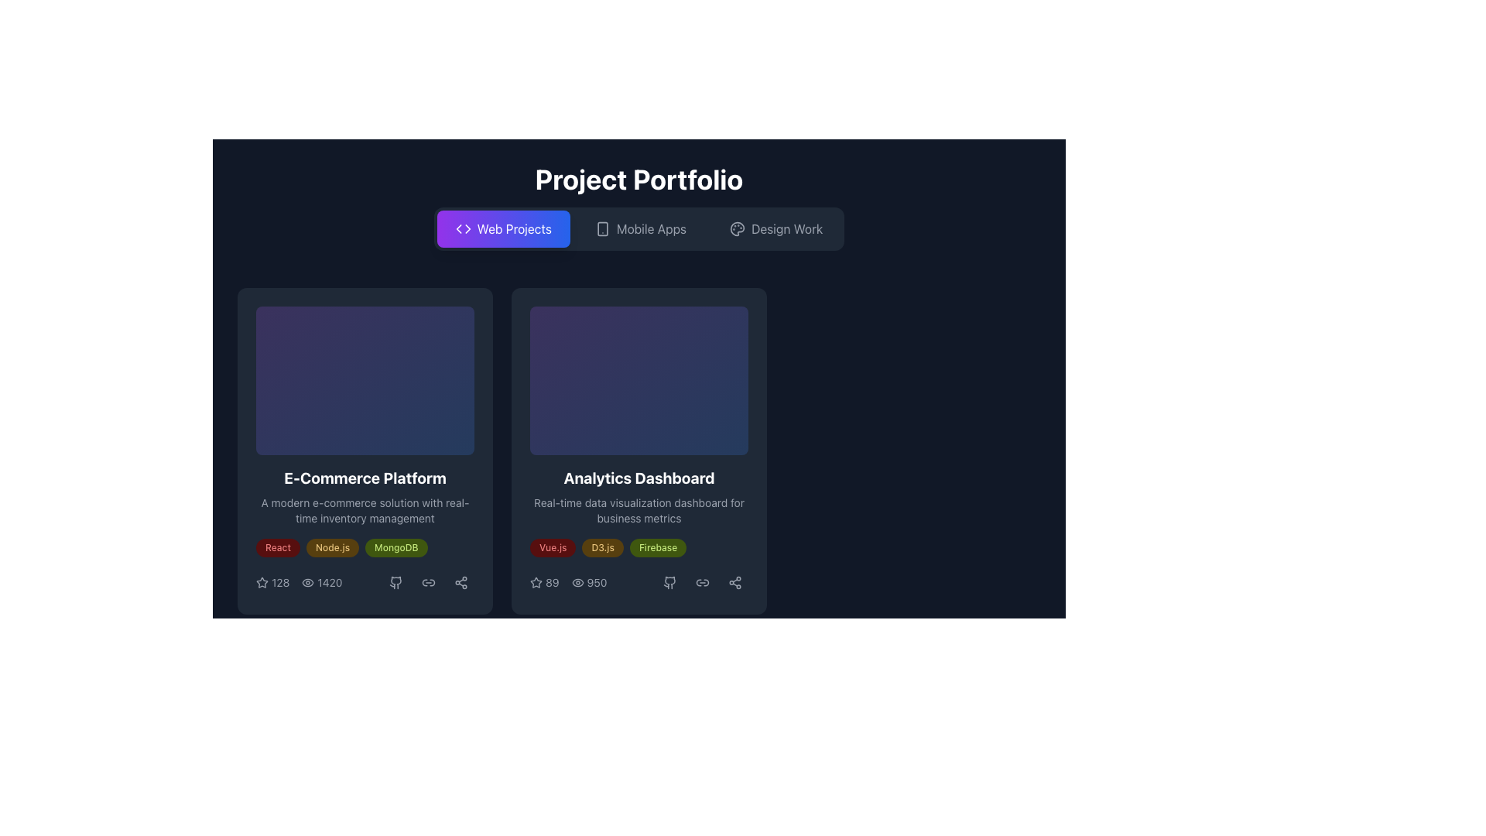 Image resolution: width=1486 pixels, height=836 pixels. I want to click on the Arrow icon (SVG) located in the top left region of the navigation bar, which serves as a navigational indicator for moving to the next item or view, so click(467, 229).